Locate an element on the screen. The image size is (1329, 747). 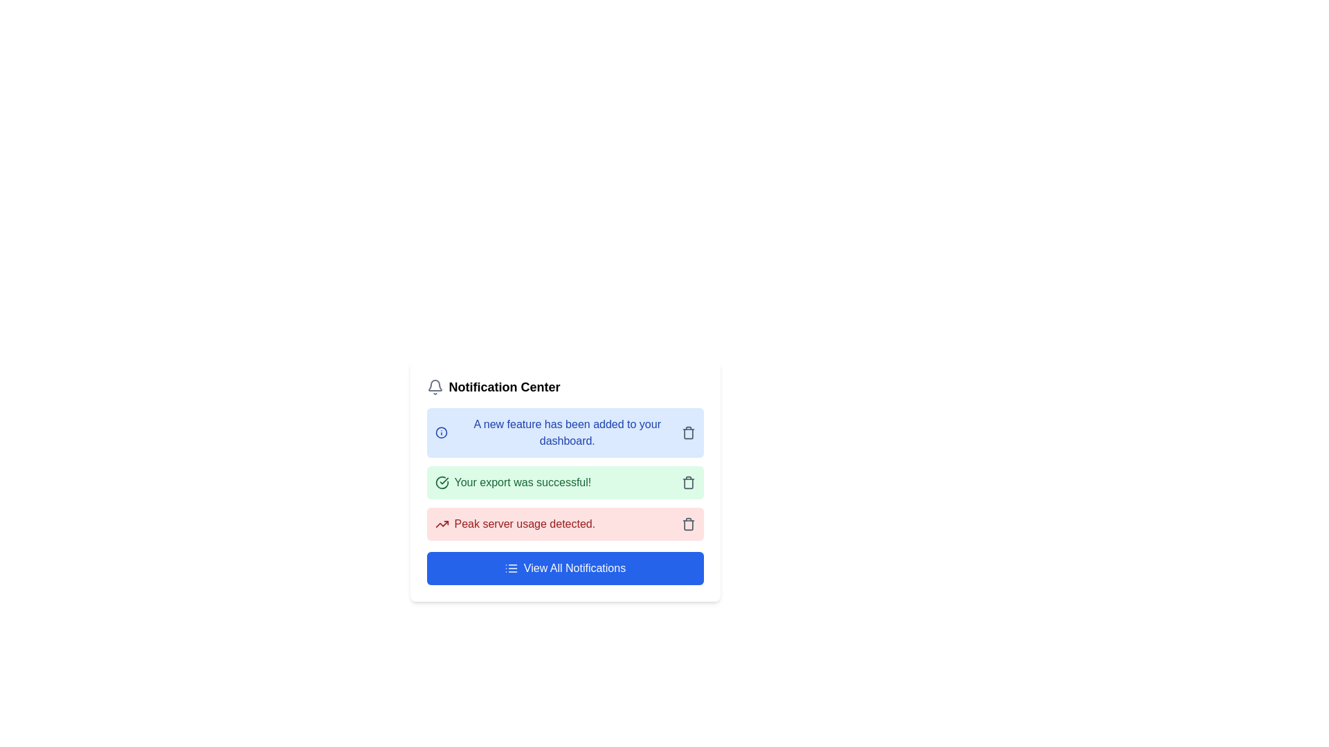
the trash bin icon located in the bottom-right corner of the notification box is located at coordinates (688, 525).